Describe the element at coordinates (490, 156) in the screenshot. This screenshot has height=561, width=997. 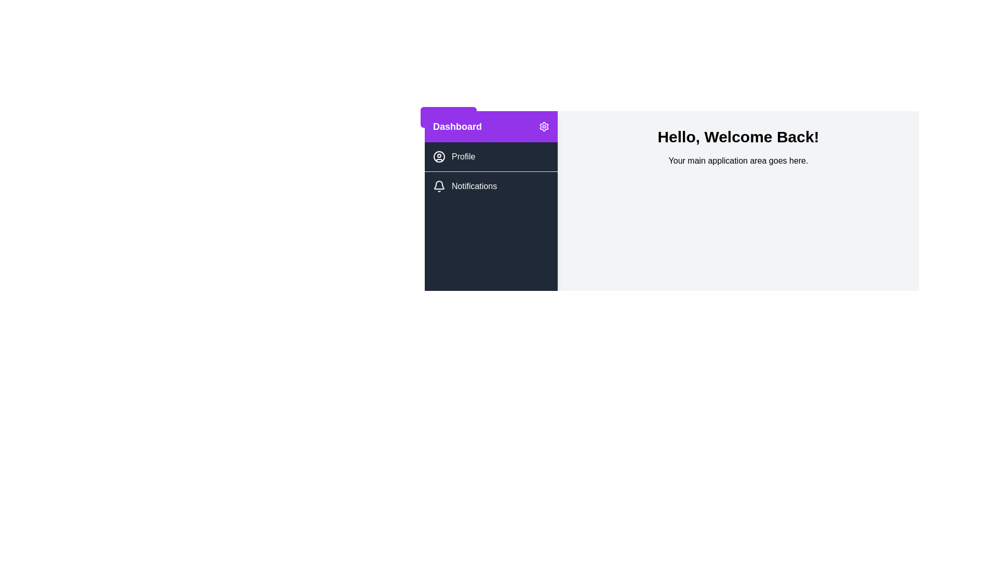
I see `the 'Profile' navigation list item in the sidebar` at that location.